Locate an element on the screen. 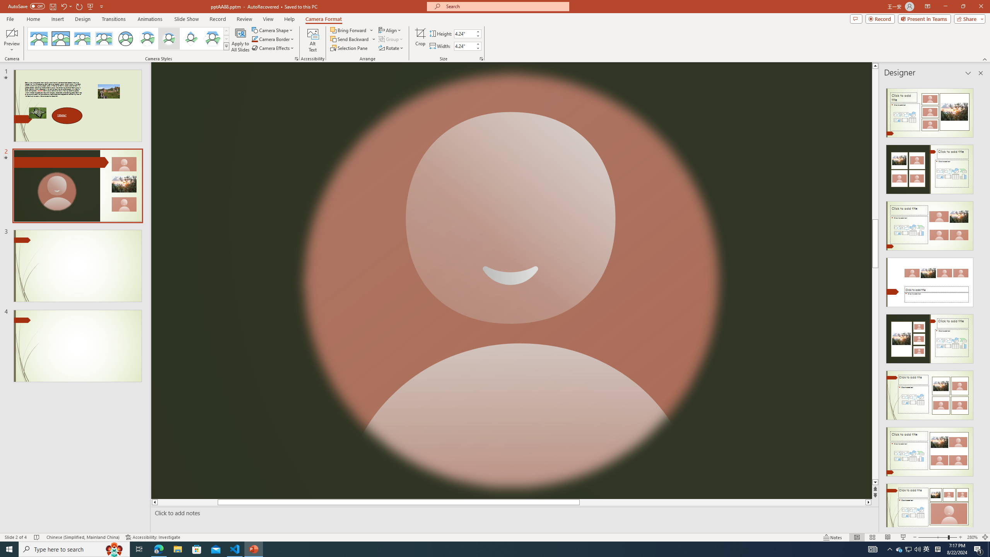  'Camera Border' is located at coordinates (273, 38).